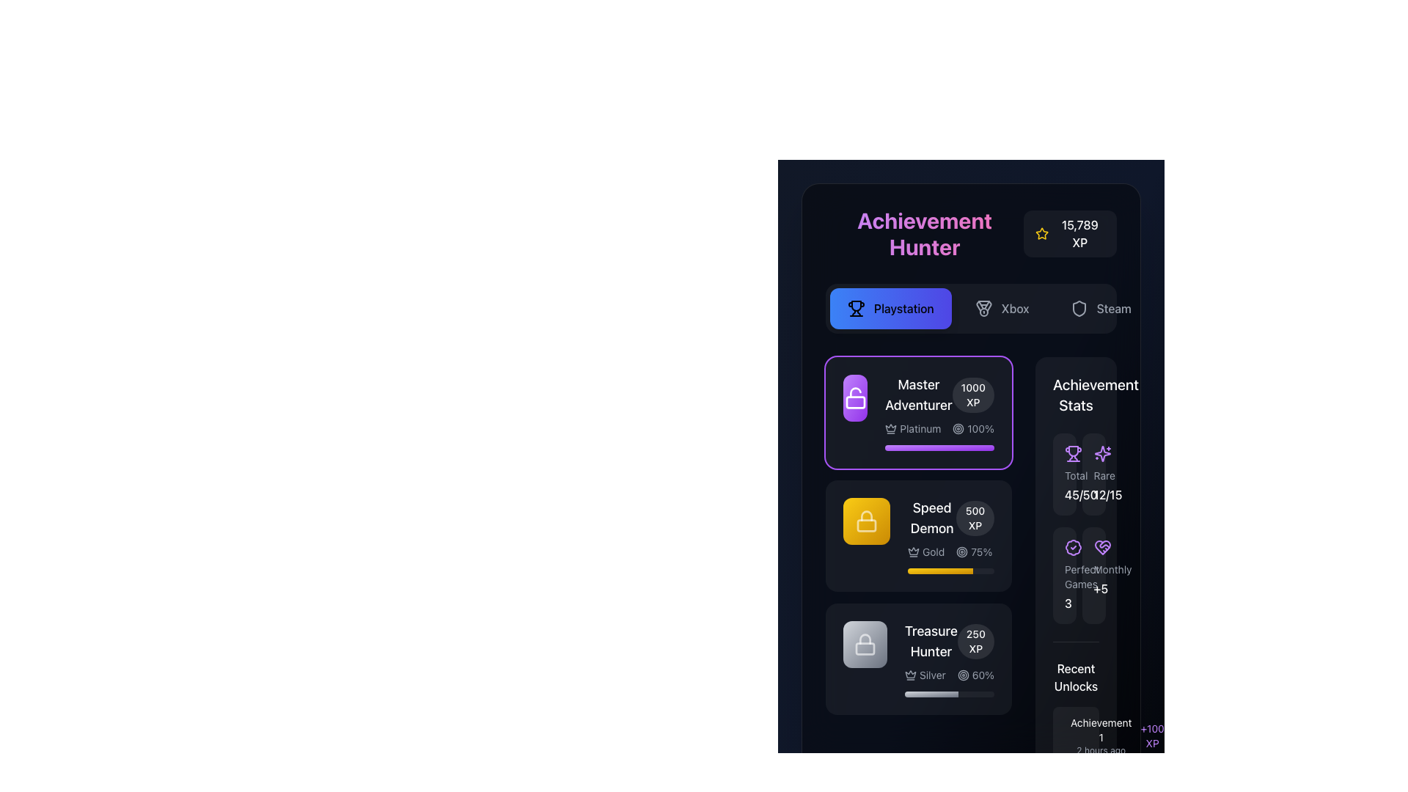 Image resolution: width=1408 pixels, height=792 pixels. What do you see at coordinates (1101, 730) in the screenshot?
I see `the static text label displaying 'Achievement 1', which is part of the 'Recent Unlocks' section located in the lower-right side of the interface` at bounding box center [1101, 730].